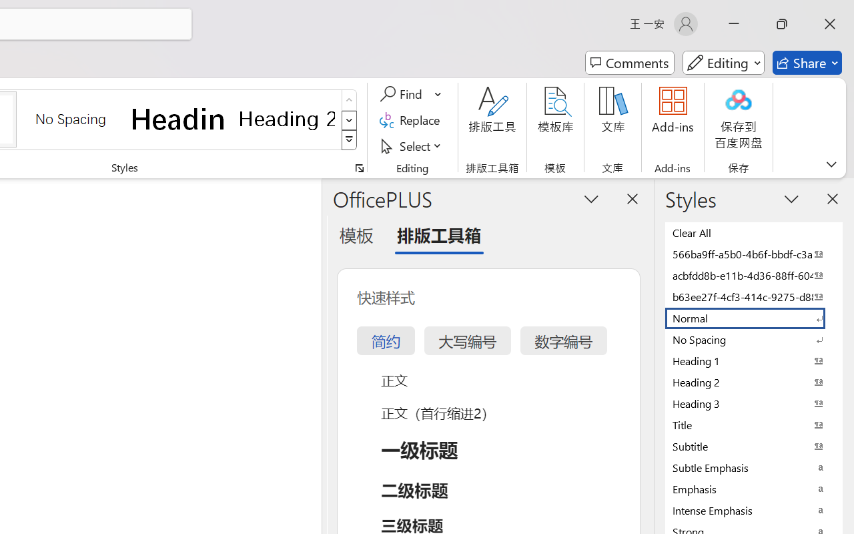 The width and height of the screenshot is (854, 534). I want to click on 'Subtitle', so click(754, 446).